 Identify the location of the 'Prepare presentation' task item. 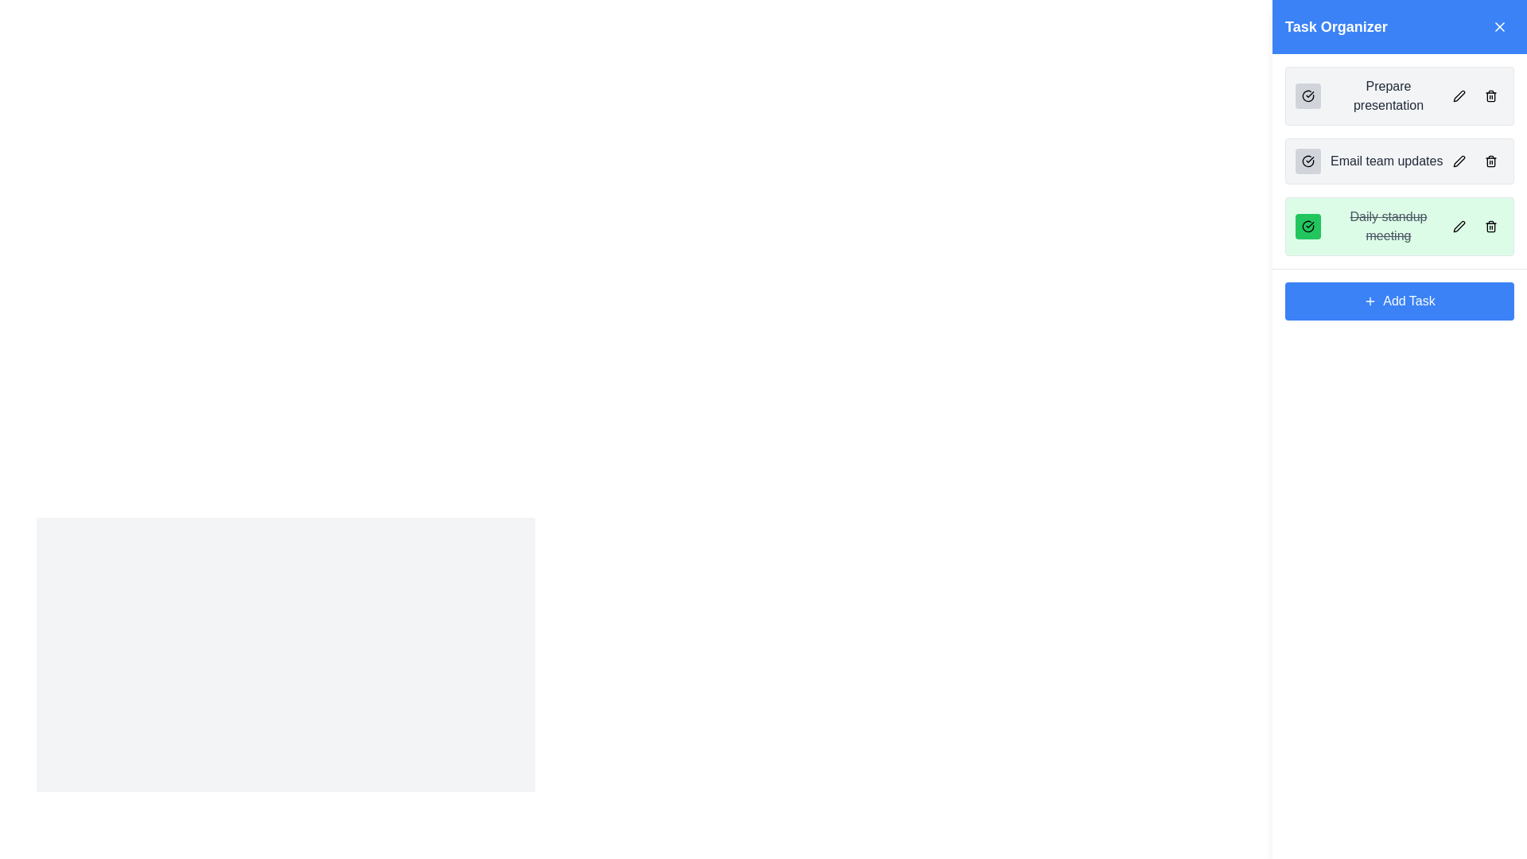
(1370, 95).